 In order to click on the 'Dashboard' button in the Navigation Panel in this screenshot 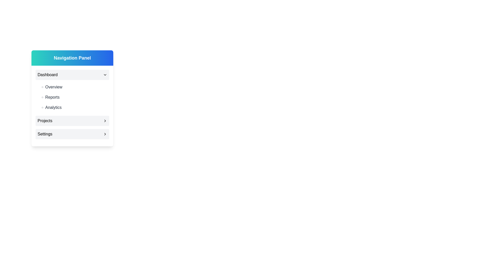, I will do `click(72, 75)`.